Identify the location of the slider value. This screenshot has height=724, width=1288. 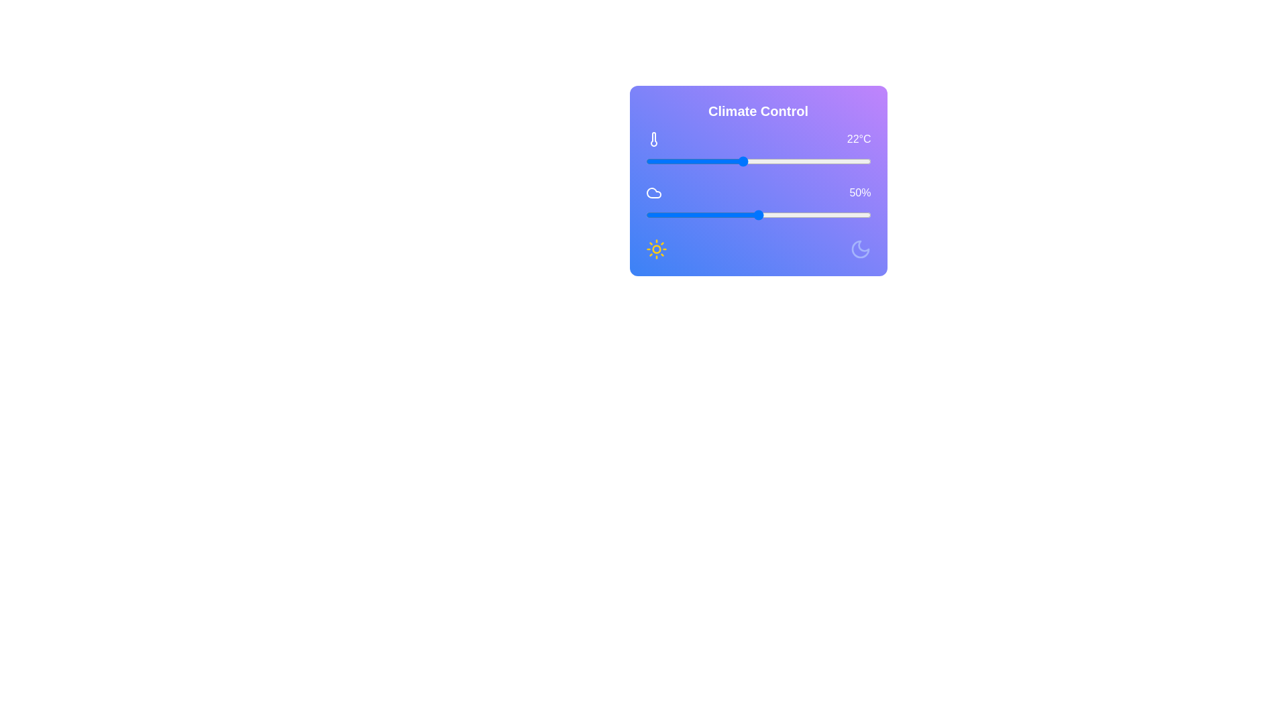
(712, 214).